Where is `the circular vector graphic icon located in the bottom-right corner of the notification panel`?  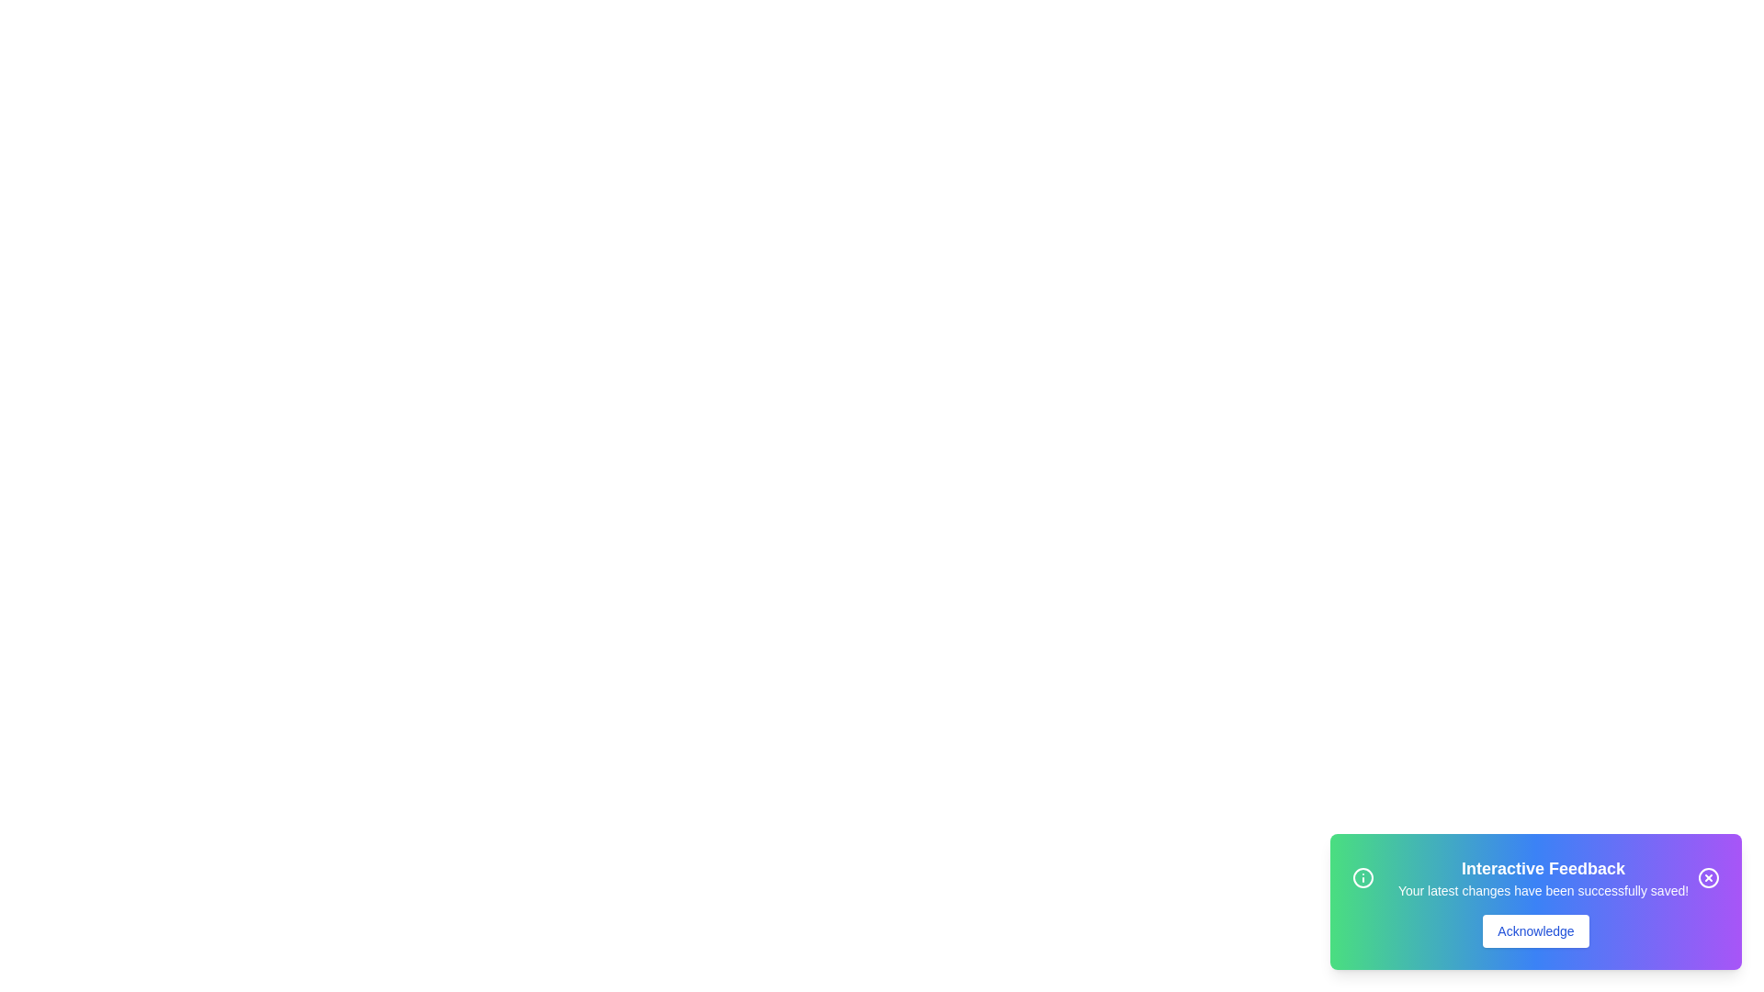
the circular vector graphic icon located in the bottom-right corner of the notification panel is located at coordinates (1708, 877).